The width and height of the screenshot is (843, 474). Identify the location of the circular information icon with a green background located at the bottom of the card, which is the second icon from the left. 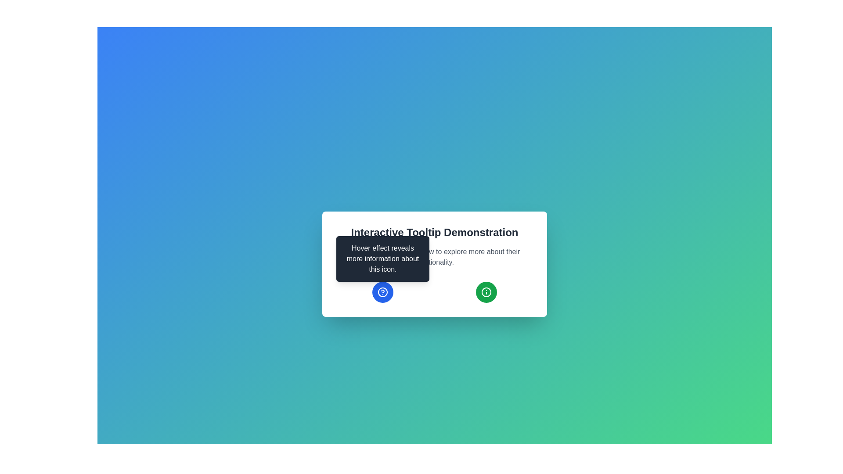
(486, 292).